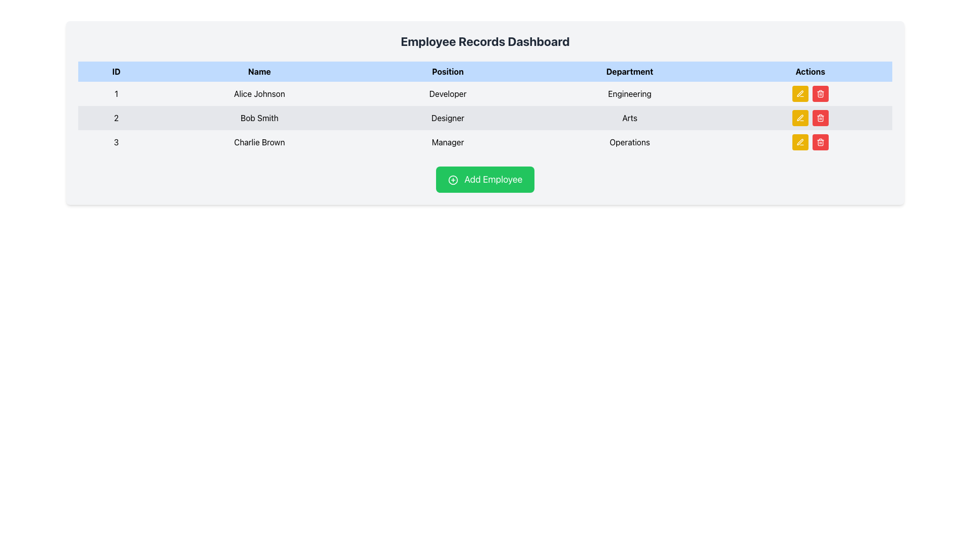 This screenshot has width=969, height=545. I want to click on the trash can icon representing the 'Delete' action for 'Bob Smith' in the Actions column of the table, so click(820, 118).